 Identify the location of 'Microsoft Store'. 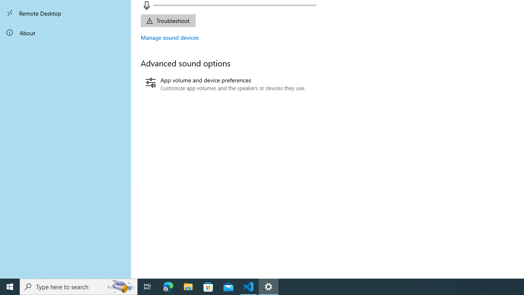
(208, 286).